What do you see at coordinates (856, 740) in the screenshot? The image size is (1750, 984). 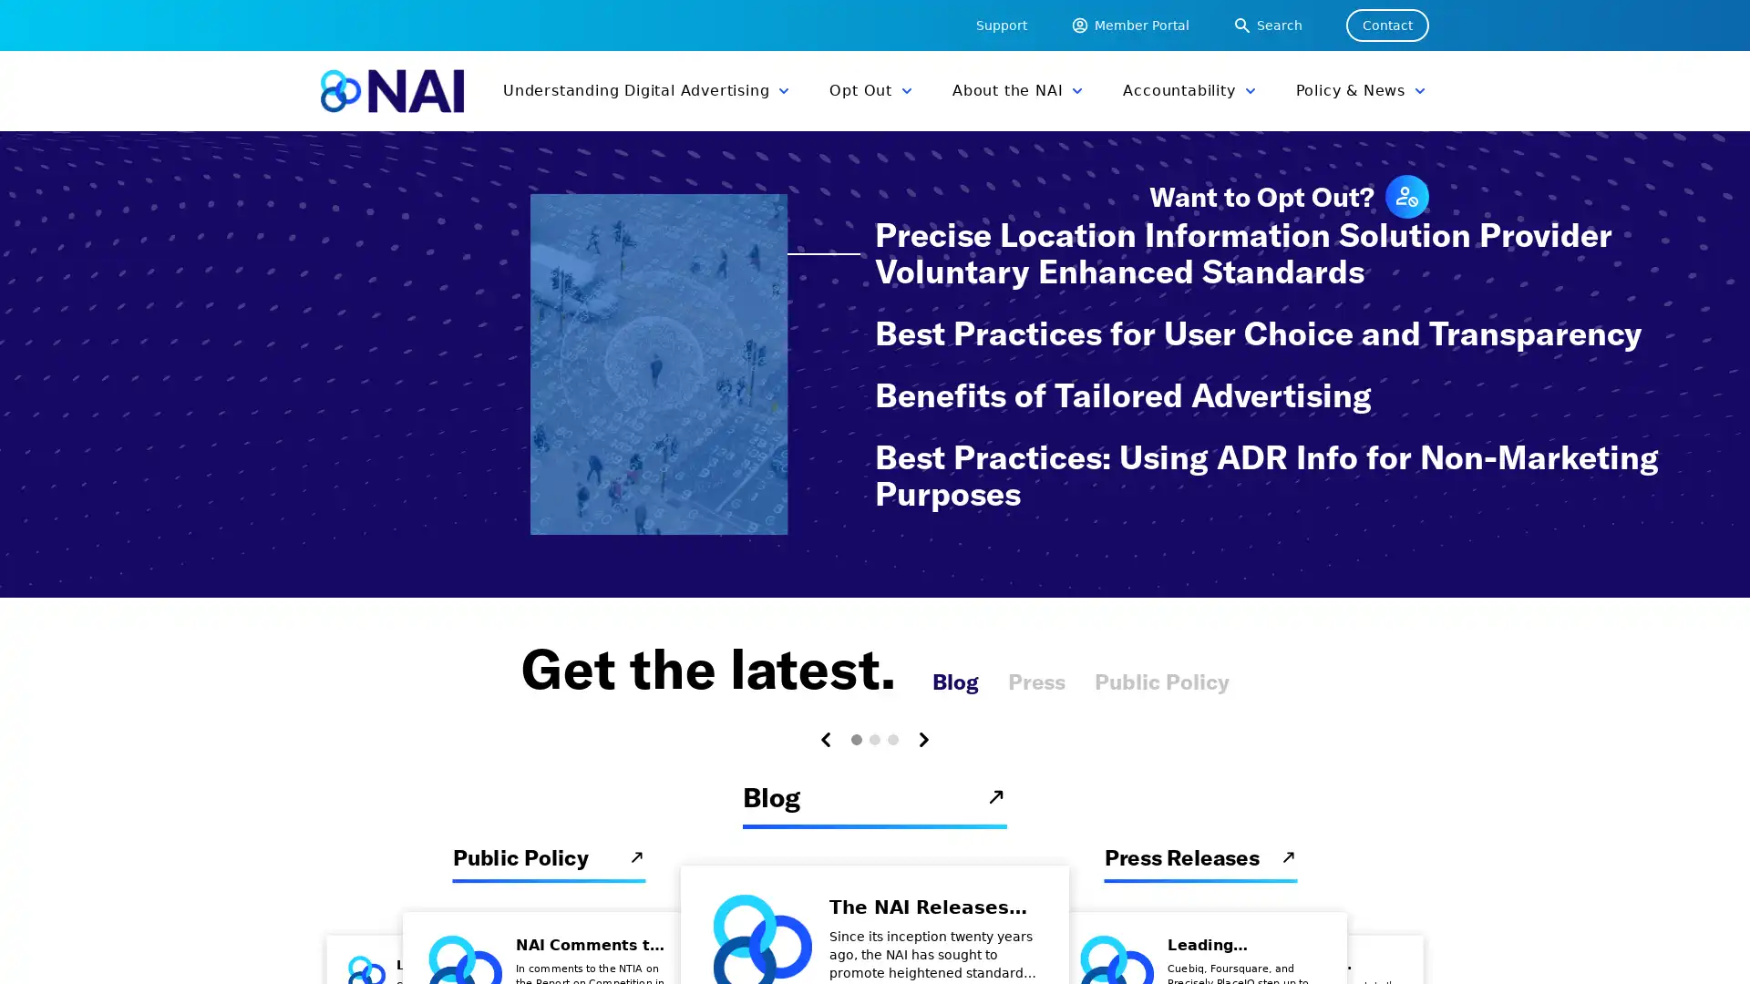 I see `Carousel Page 1 (Current Slide)` at bounding box center [856, 740].